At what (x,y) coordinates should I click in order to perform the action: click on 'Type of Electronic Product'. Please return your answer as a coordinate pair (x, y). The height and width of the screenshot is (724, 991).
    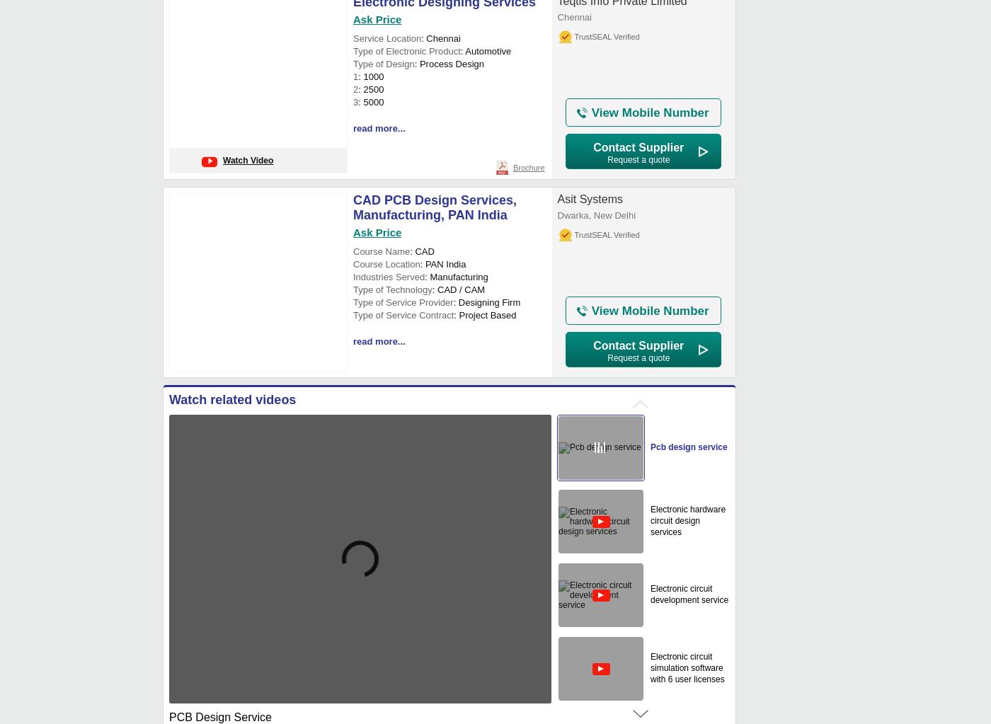
    Looking at the image, I should click on (353, 50).